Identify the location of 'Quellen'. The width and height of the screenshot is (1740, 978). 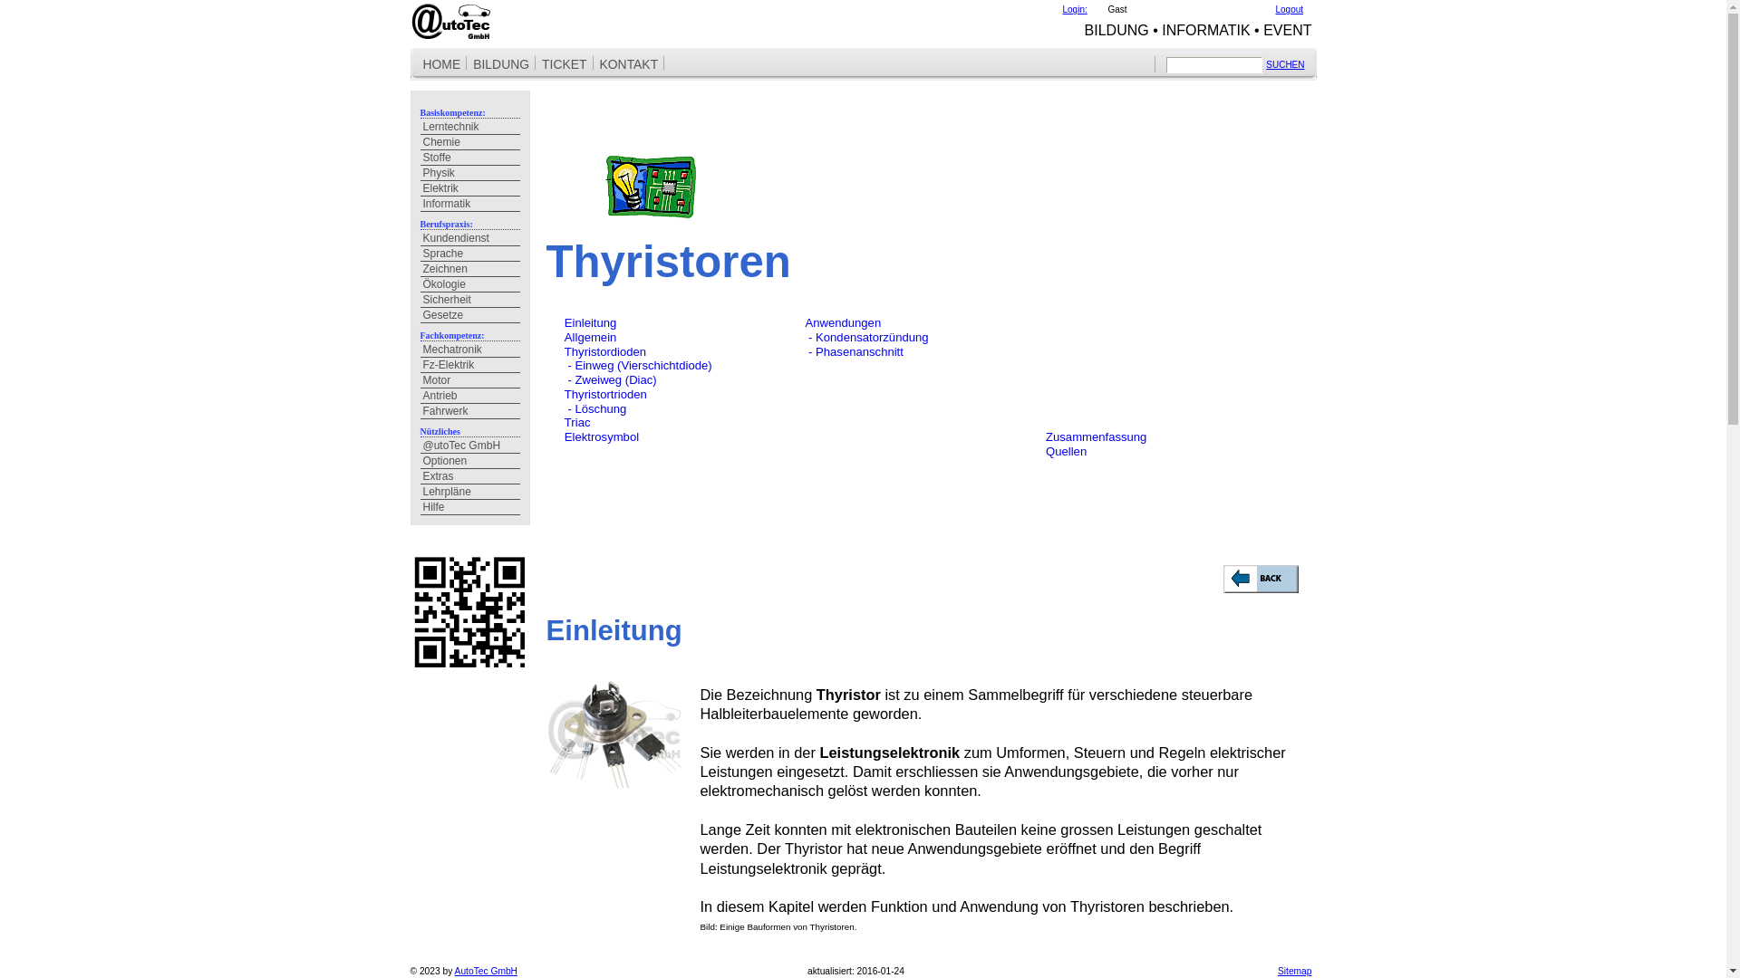
(1066, 450).